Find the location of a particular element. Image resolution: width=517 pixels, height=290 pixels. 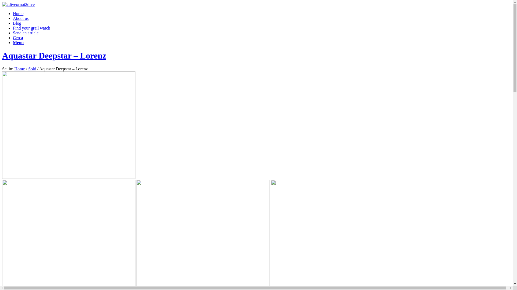

'Home' is located at coordinates (18, 13).